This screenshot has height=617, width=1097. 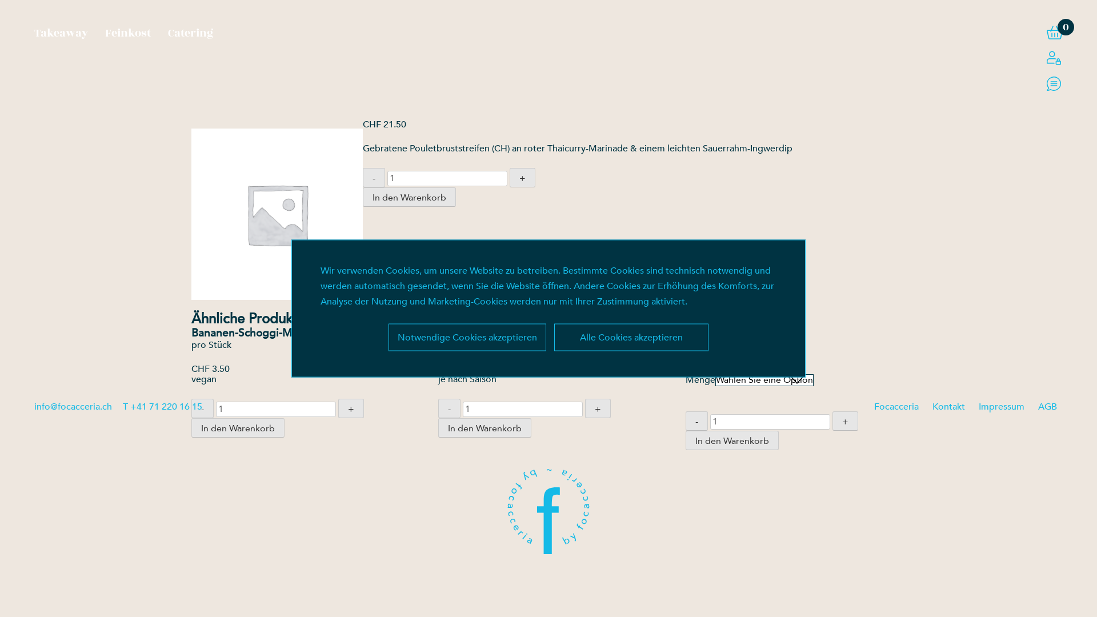 I want to click on 'AGB', so click(x=1038, y=406).